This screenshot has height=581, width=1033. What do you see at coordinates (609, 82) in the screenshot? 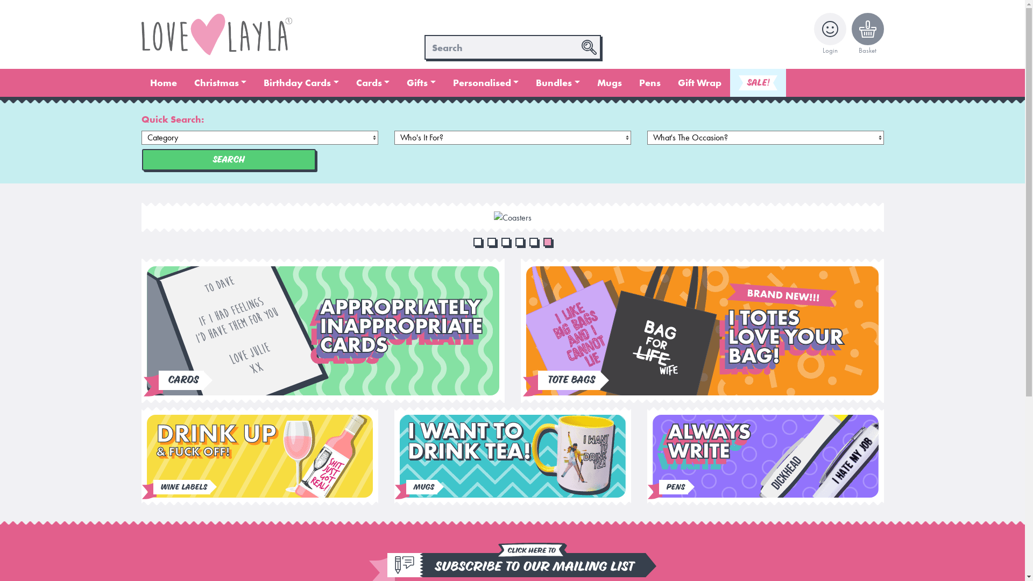
I see `'Mugs'` at bounding box center [609, 82].